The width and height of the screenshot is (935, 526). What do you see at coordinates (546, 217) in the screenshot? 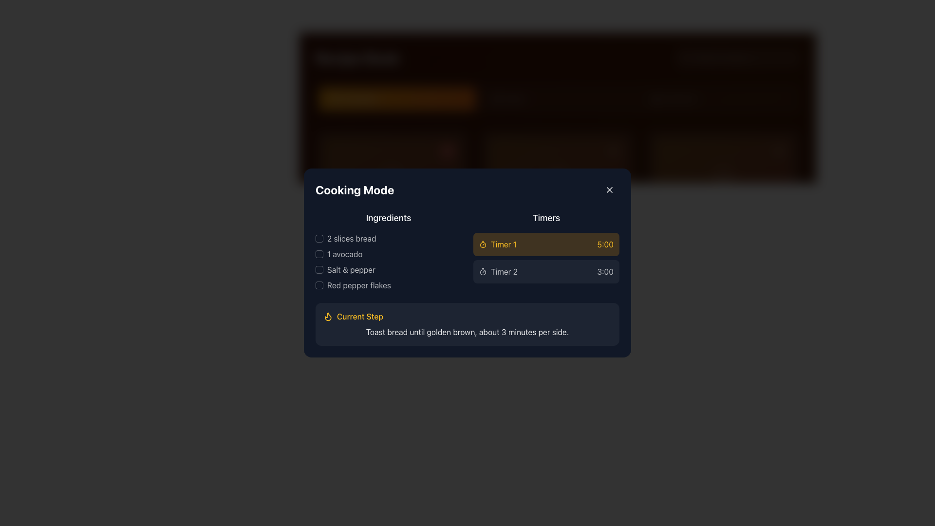
I see `the heading label for the timers section located at the top right of the modal dialog` at bounding box center [546, 217].